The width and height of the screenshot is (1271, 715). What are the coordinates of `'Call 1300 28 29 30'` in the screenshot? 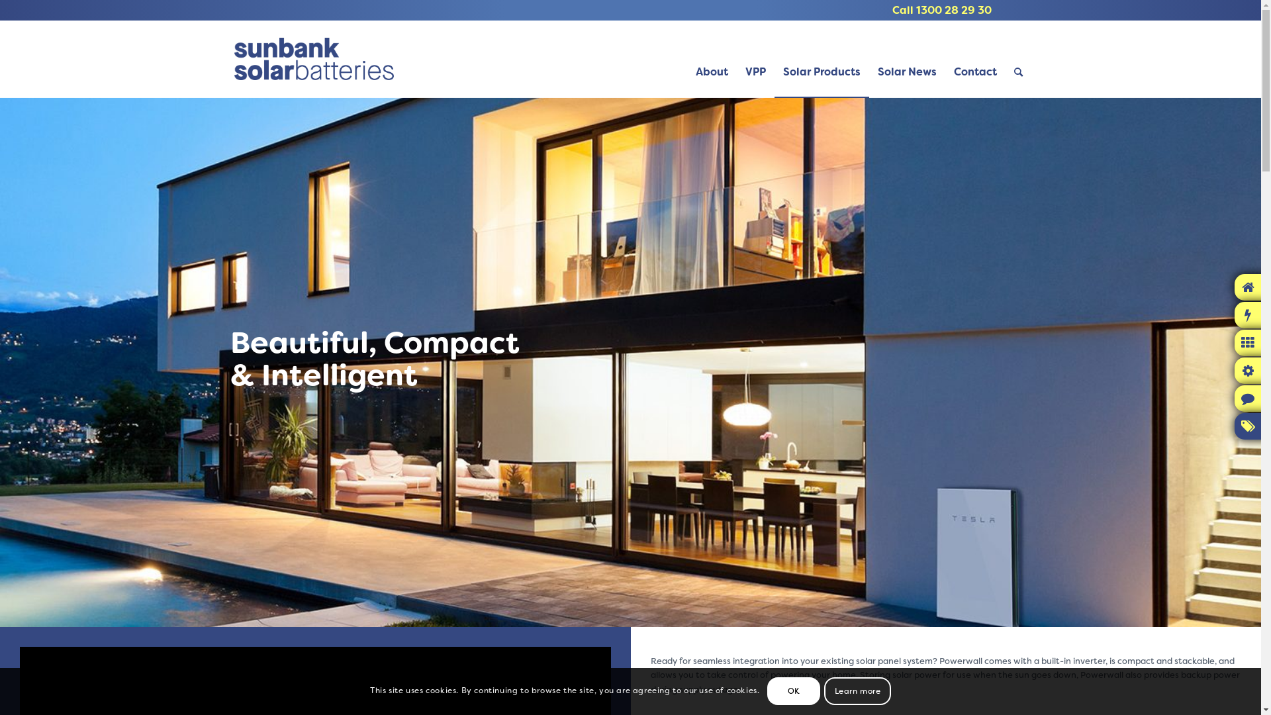 It's located at (941, 10).